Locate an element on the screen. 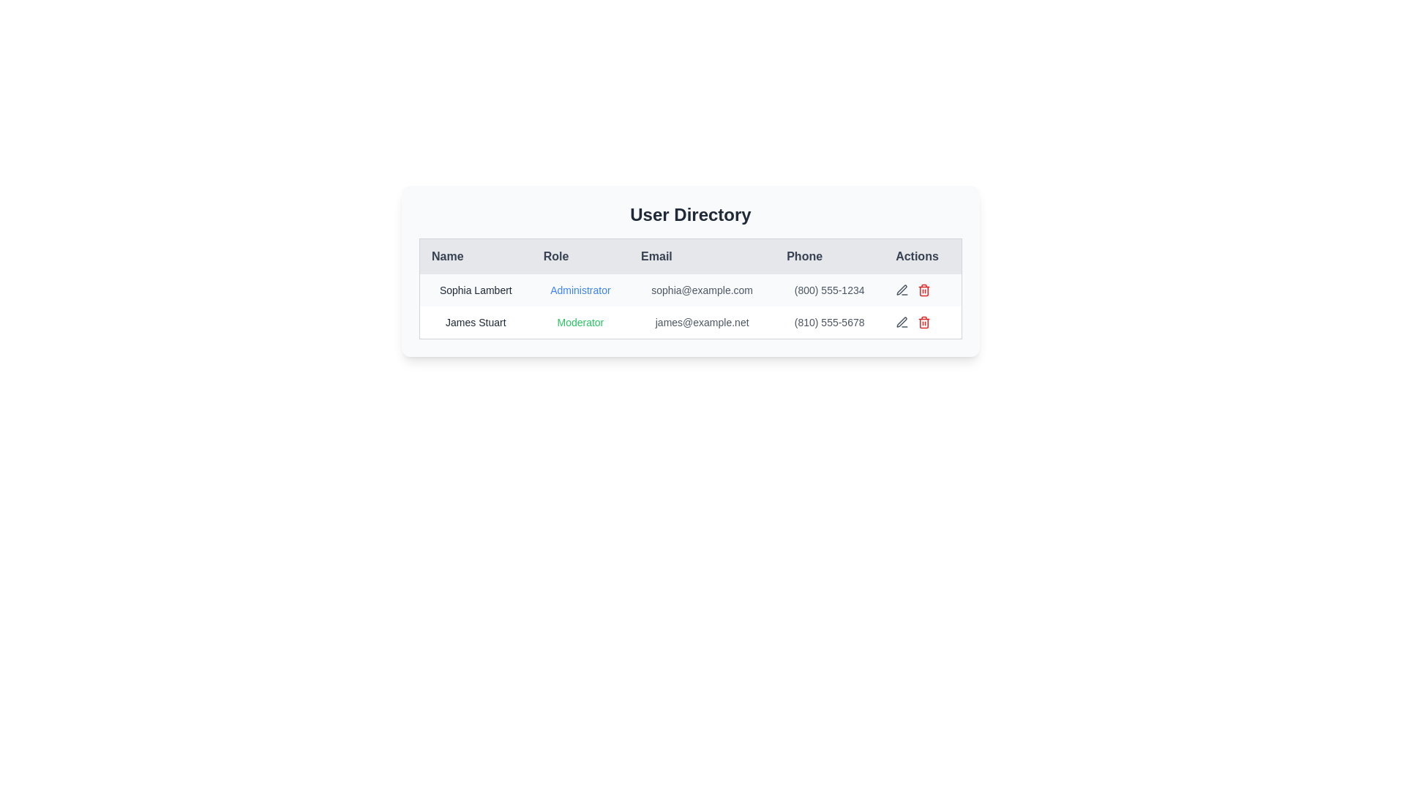 The height and width of the screenshot is (790, 1405). the edit icon in the 'Actions' column for the row corresponding to 'Sophia Lambert' is located at coordinates (901, 321).